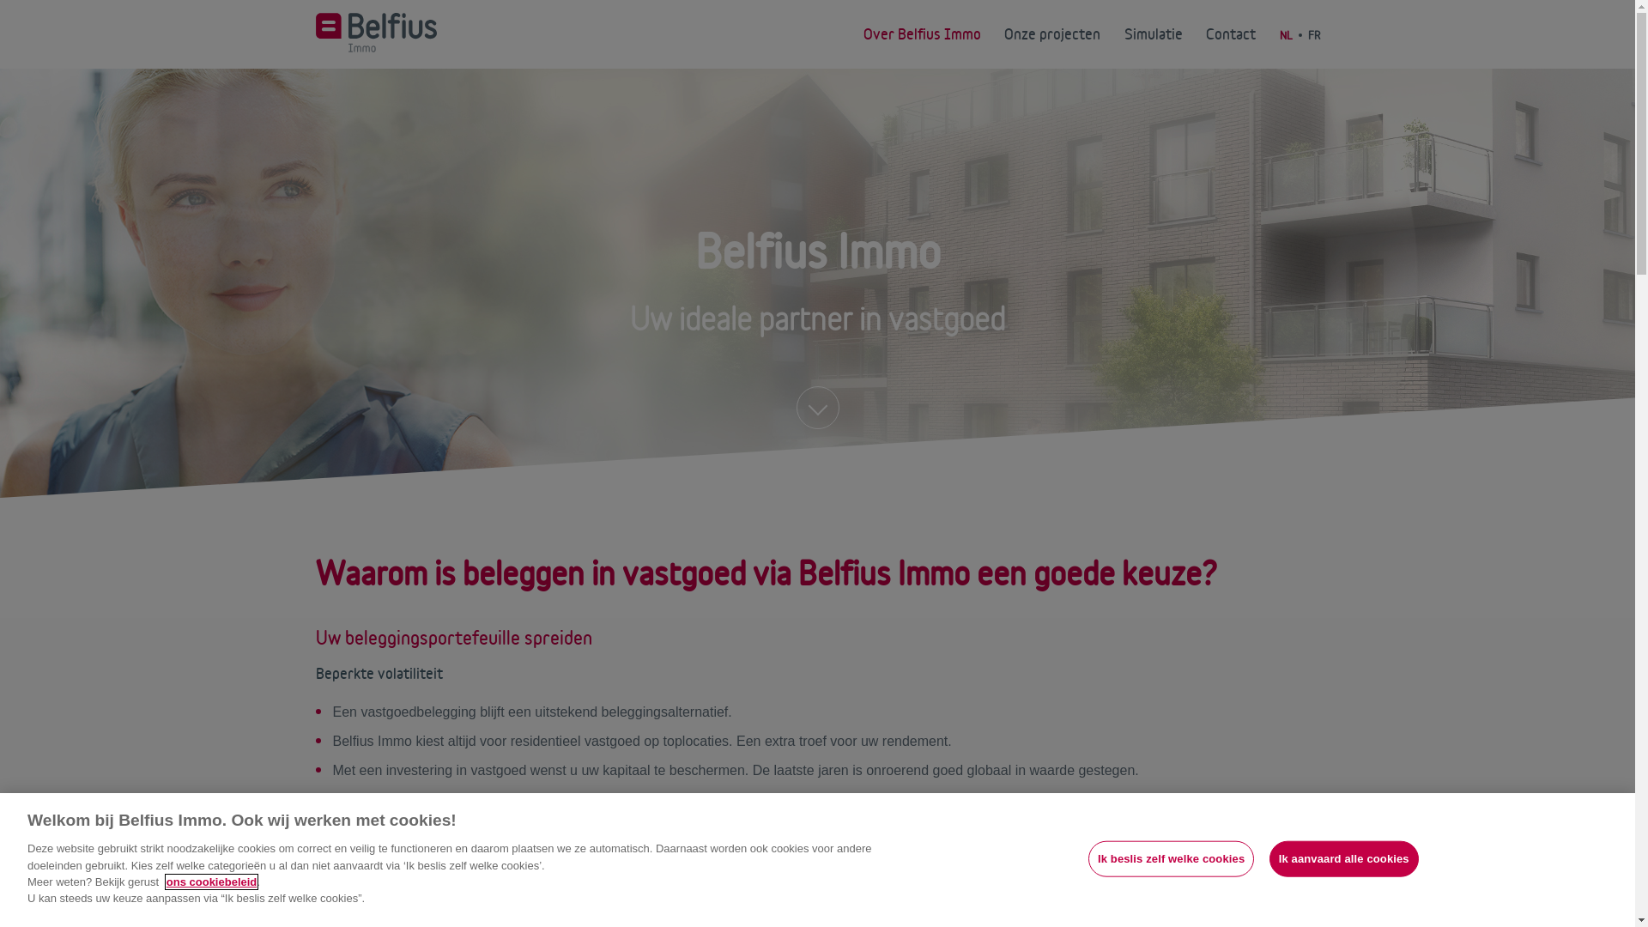 The image size is (1648, 927). I want to click on 'FR', so click(1313, 35).